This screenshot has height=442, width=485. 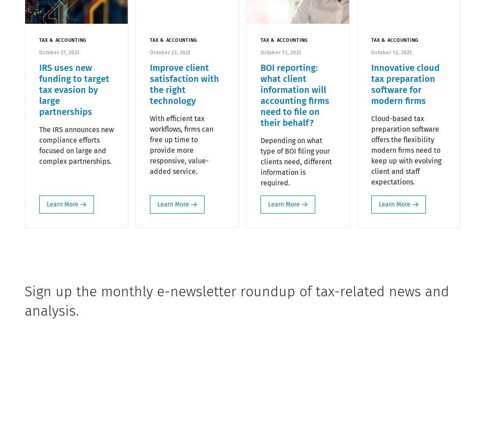 What do you see at coordinates (406, 150) in the screenshot?
I see `'Cloud-based tax preparation software offers the flexibility modern firms need to keep up with evolving client and staff expectations.'` at bounding box center [406, 150].